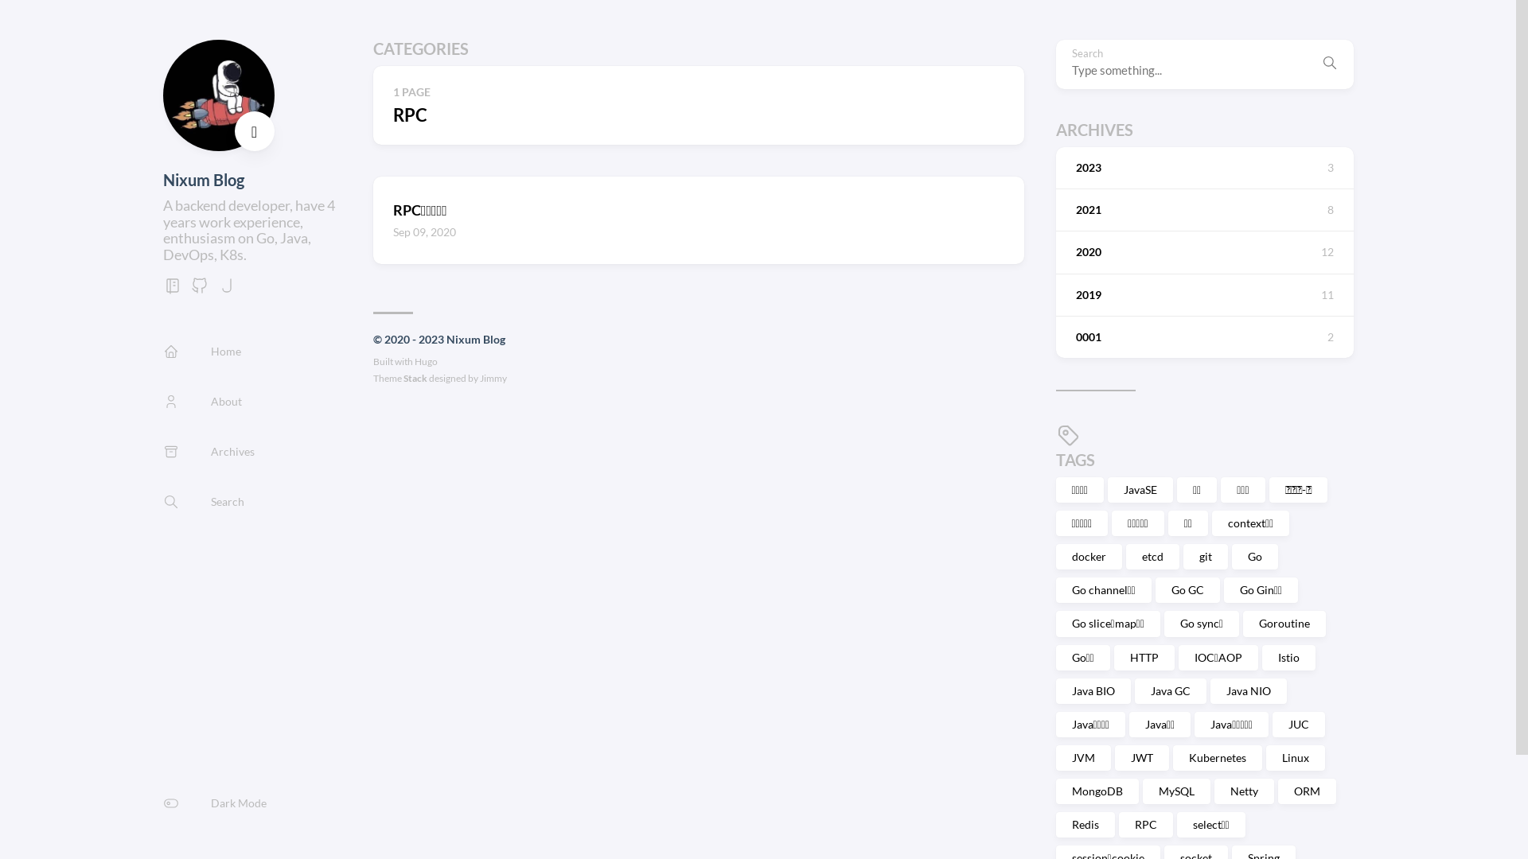 Image resolution: width=1528 pixels, height=859 pixels. Describe the element at coordinates (201, 350) in the screenshot. I see `'Home'` at that location.